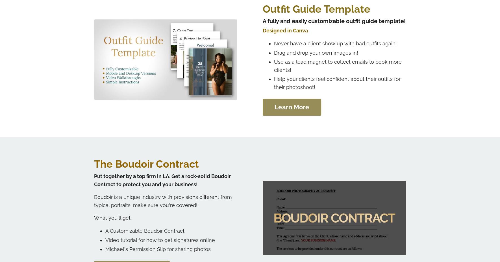 Image resolution: width=500 pixels, height=262 pixels. What do you see at coordinates (262, 8) in the screenshot?
I see `'Outfit Guide Template'` at bounding box center [262, 8].